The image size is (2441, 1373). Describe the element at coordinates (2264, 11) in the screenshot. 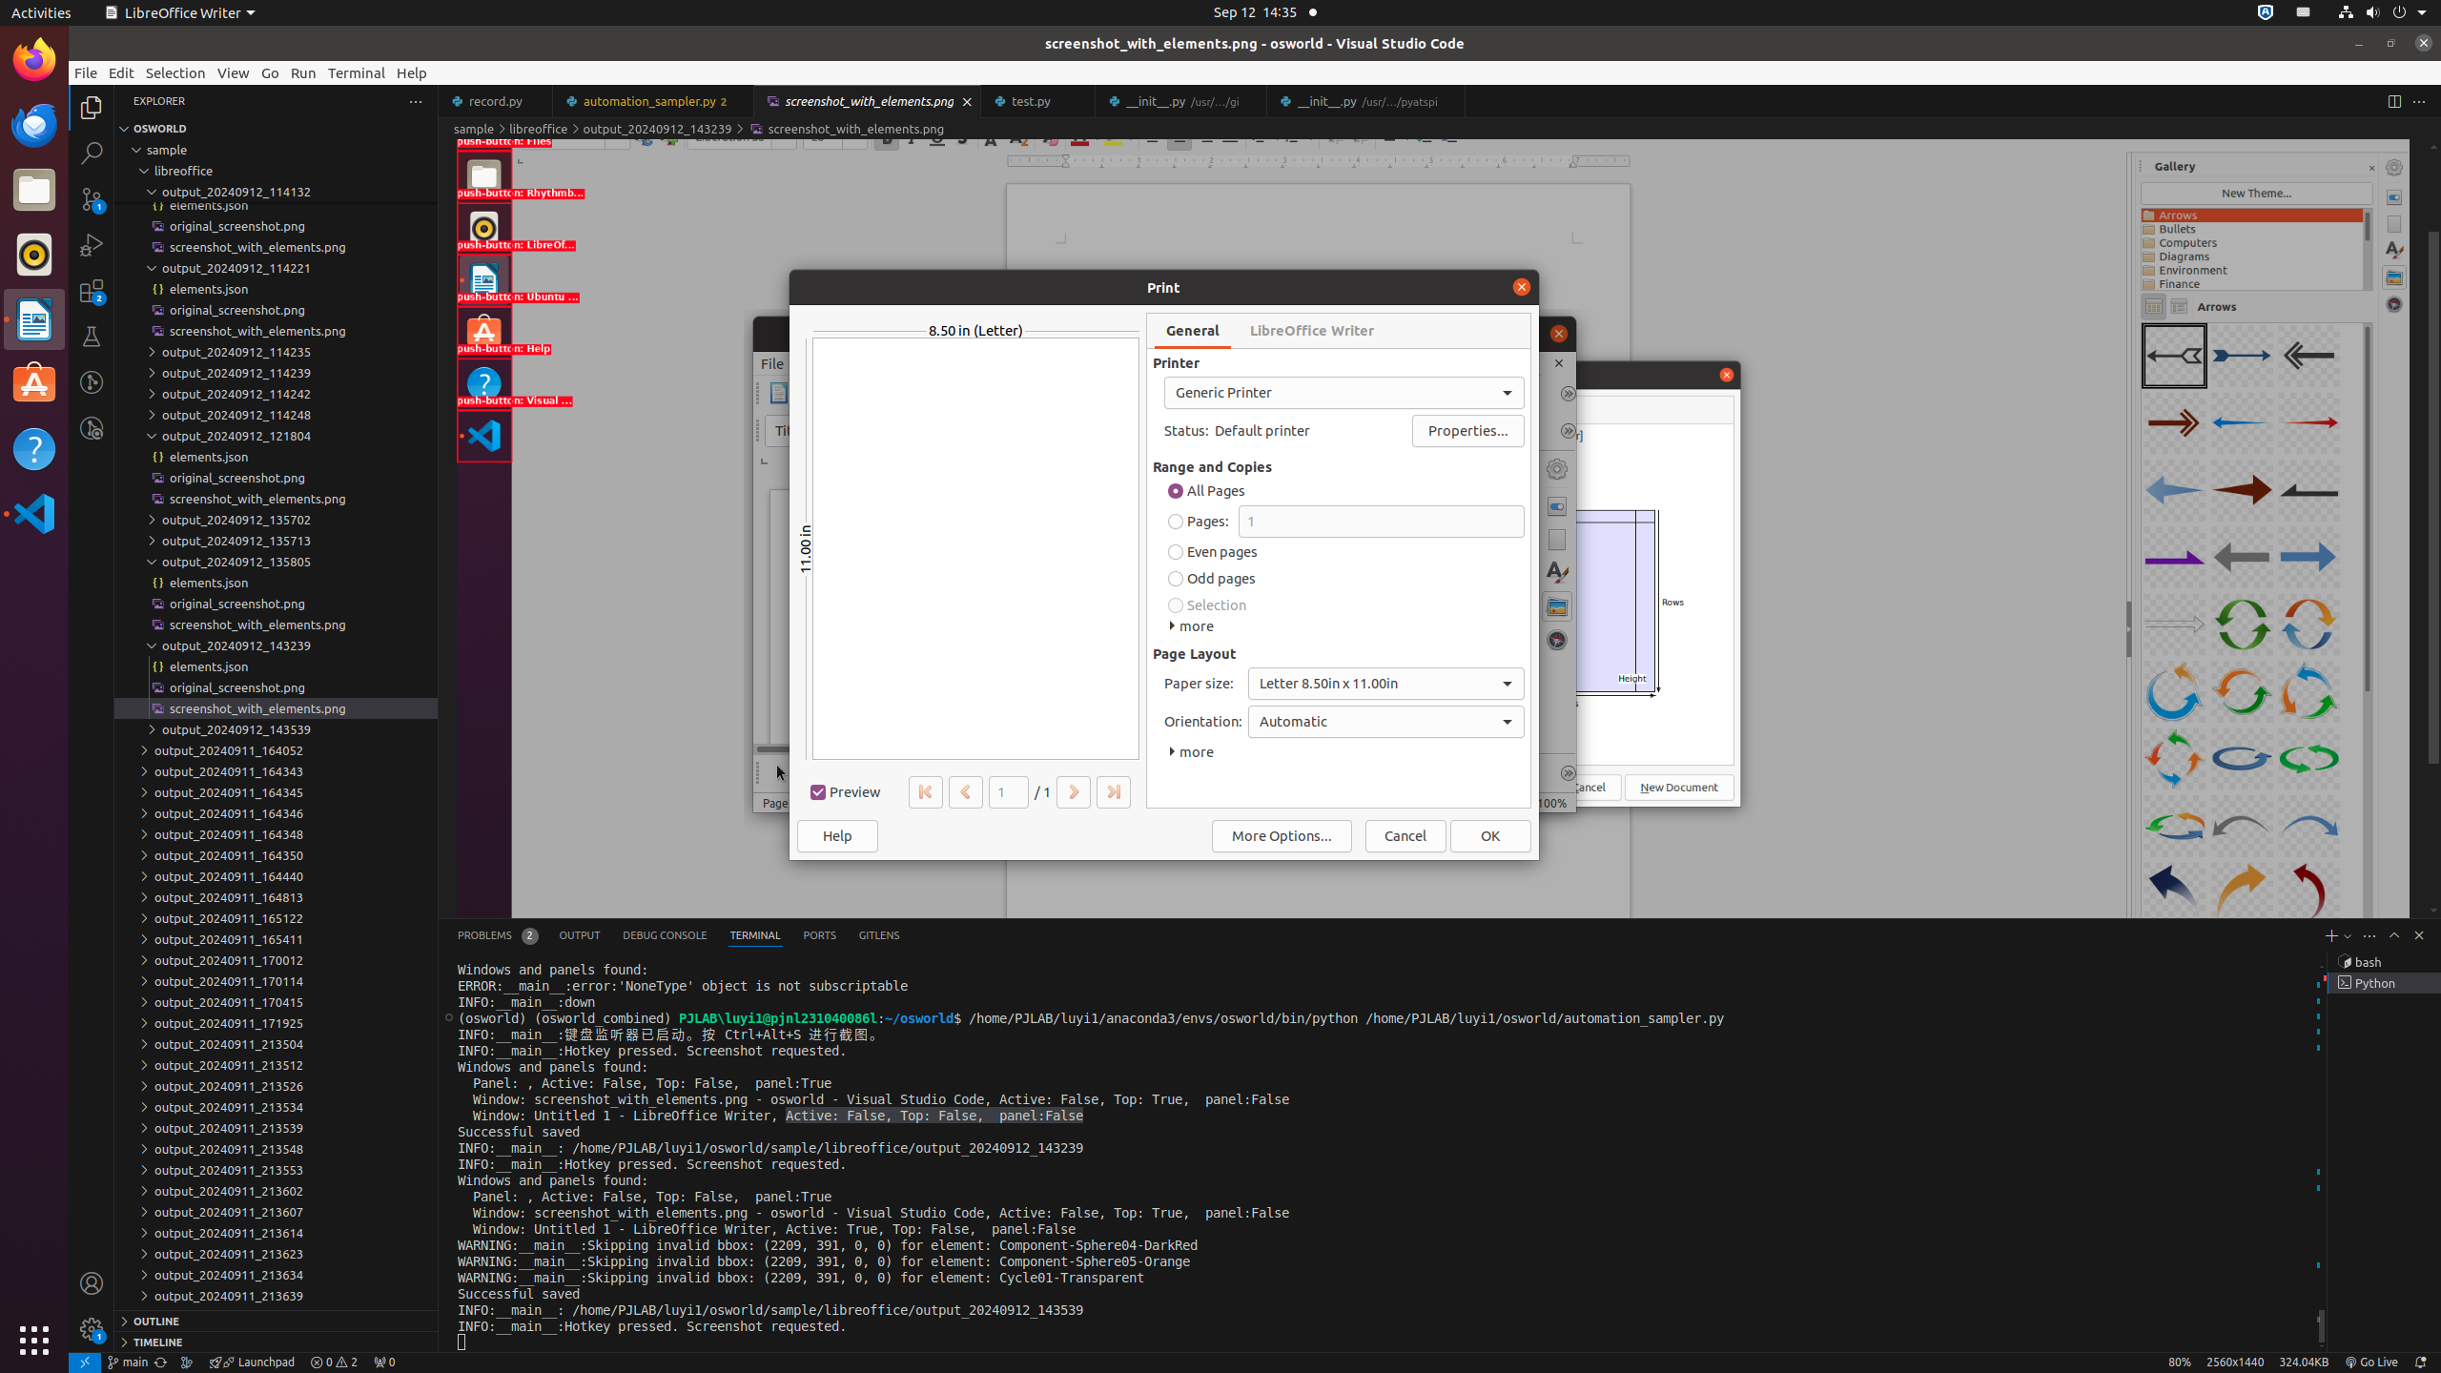

I see `':1.72/StatusNotifierItem'` at that location.